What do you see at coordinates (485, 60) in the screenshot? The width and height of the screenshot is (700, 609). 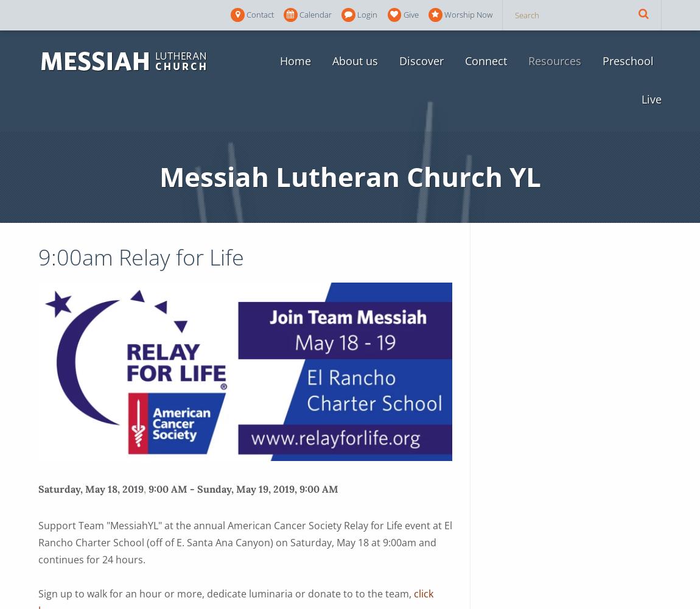 I see `'Connect'` at bounding box center [485, 60].